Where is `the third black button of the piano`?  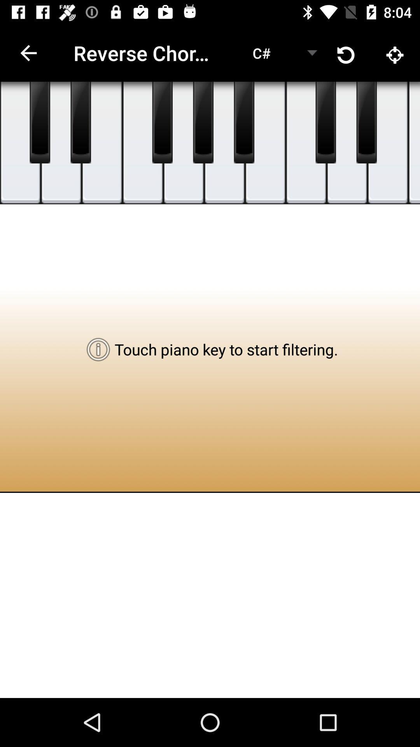 the third black button of the piano is located at coordinates (162, 122).